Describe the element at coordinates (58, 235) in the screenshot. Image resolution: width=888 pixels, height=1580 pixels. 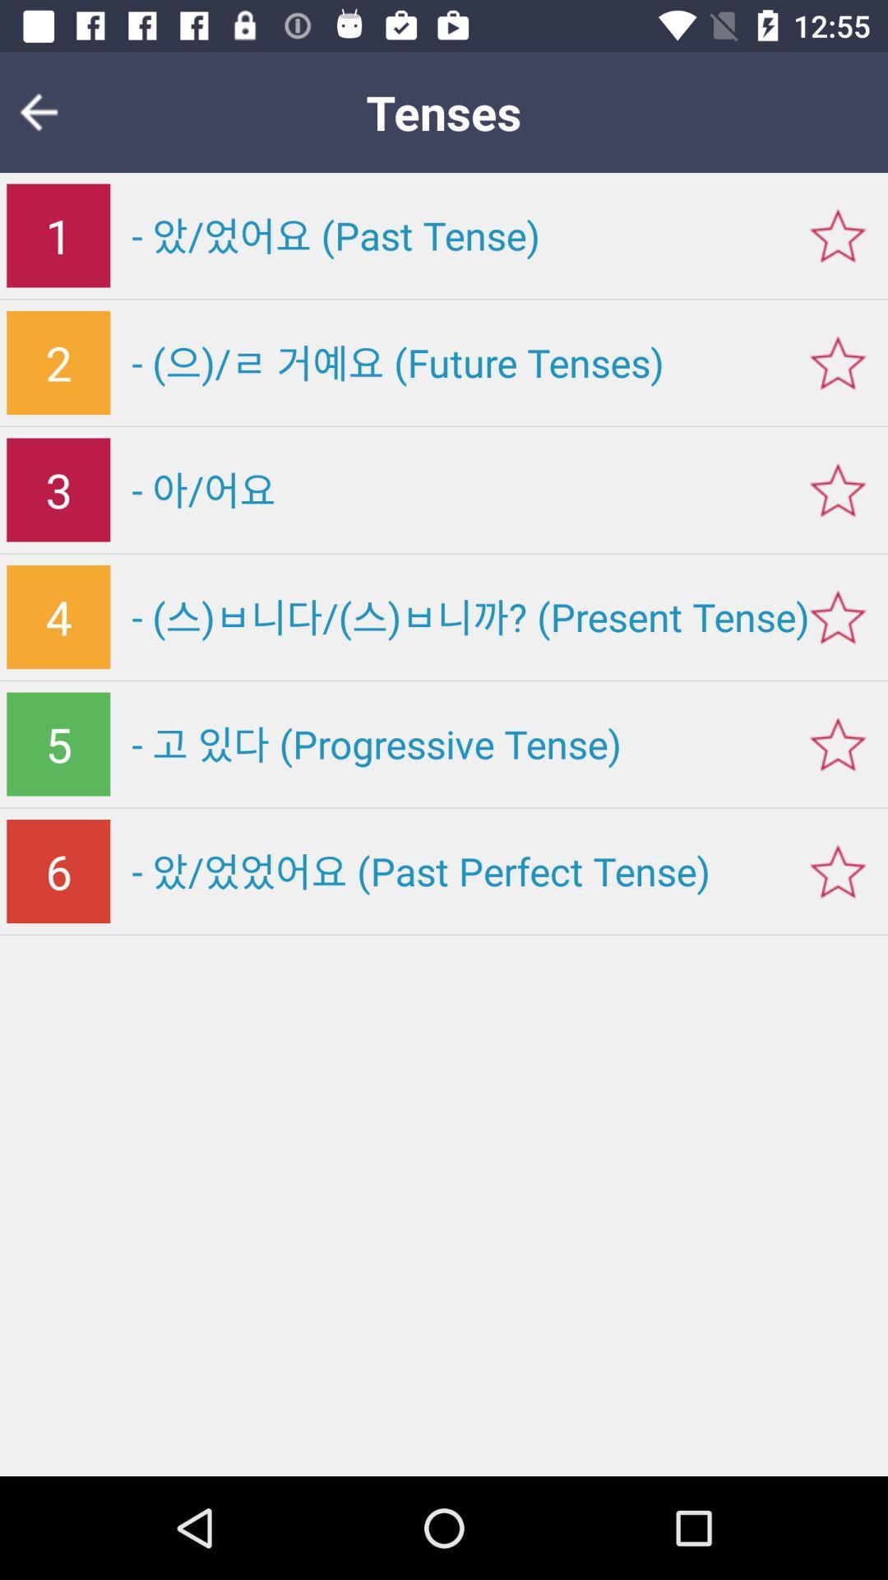
I see `icon above the 2 item` at that location.